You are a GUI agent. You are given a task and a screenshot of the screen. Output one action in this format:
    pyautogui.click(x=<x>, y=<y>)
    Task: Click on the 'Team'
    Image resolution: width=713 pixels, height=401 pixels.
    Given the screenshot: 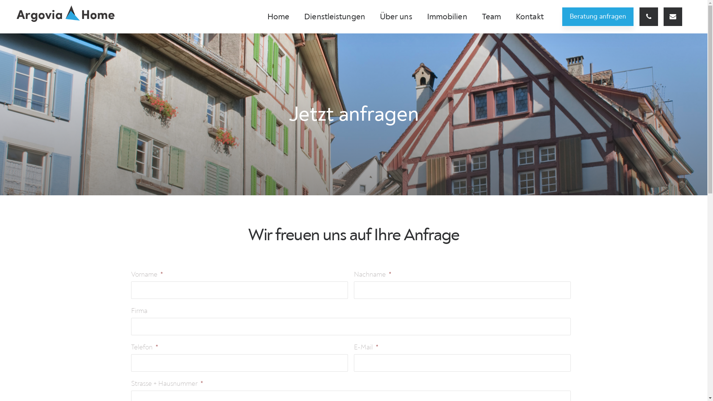 What is the action you would take?
    pyautogui.click(x=491, y=17)
    